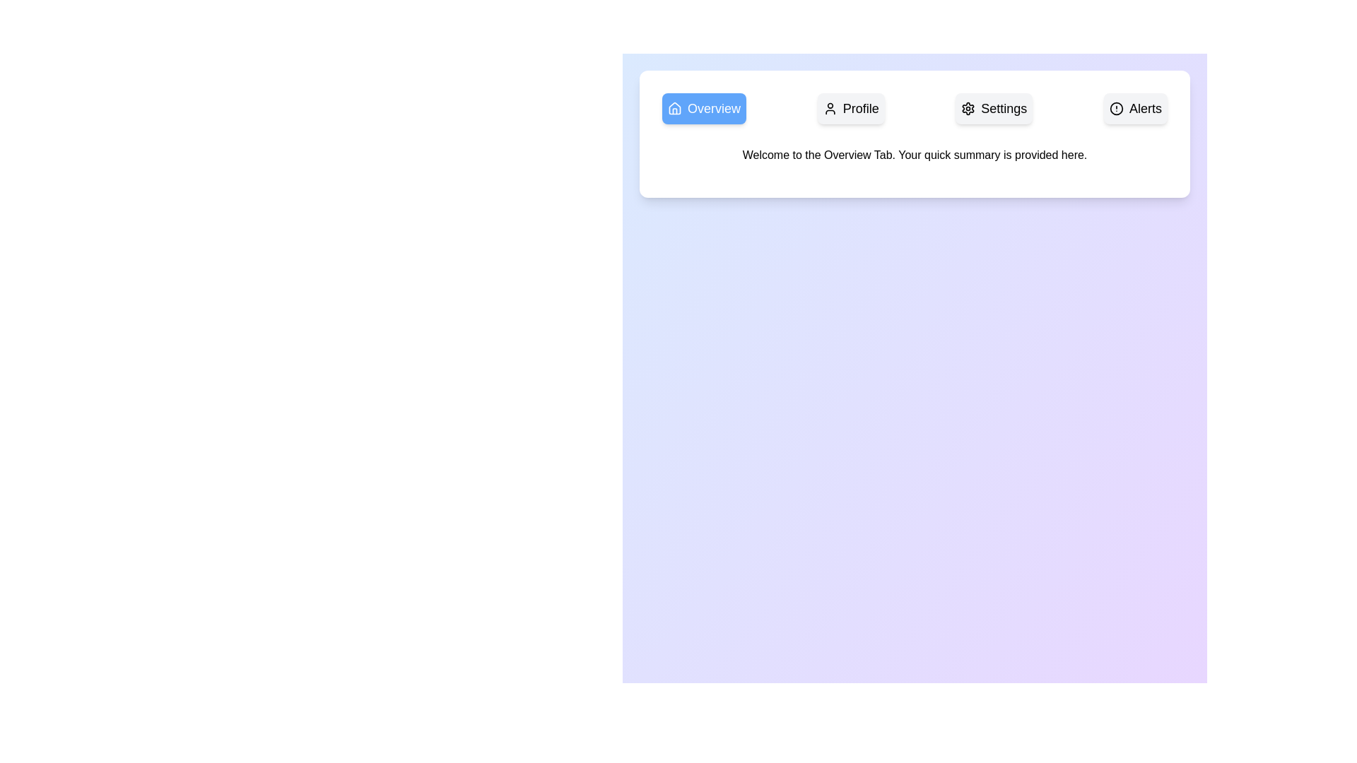  I want to click on the Navigation Button located in the top-left section of the interface, so click(713, 108).